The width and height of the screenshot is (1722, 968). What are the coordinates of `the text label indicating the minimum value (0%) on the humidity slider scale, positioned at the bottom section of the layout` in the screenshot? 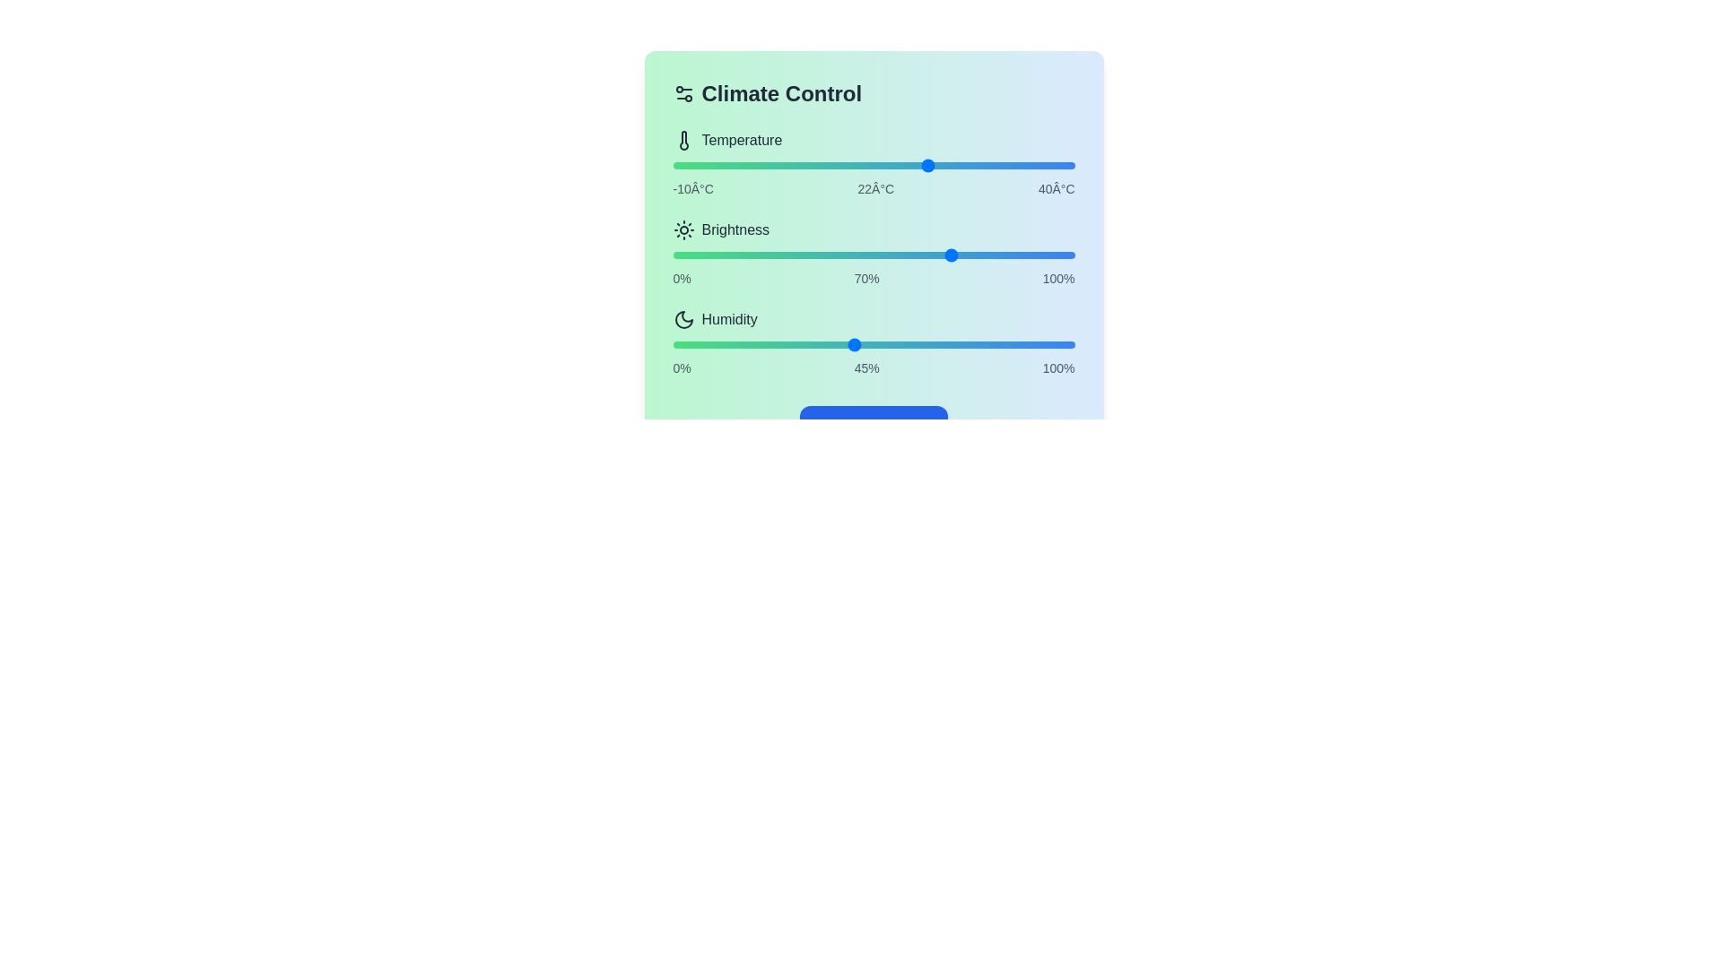 It's located at (681, 367).